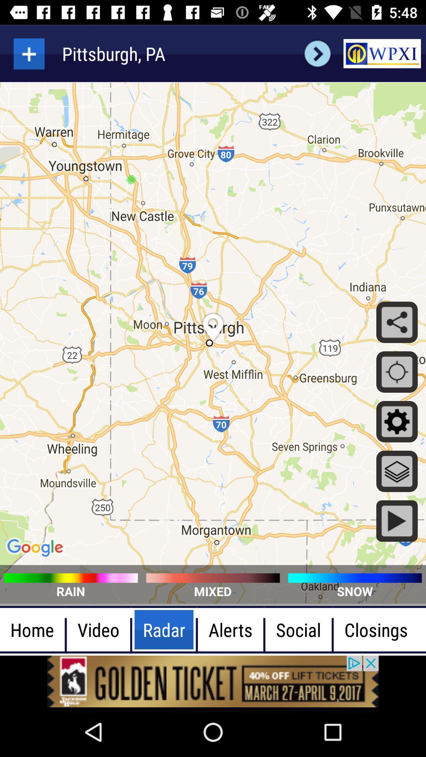  I want to click on next button, so click(317, 53).